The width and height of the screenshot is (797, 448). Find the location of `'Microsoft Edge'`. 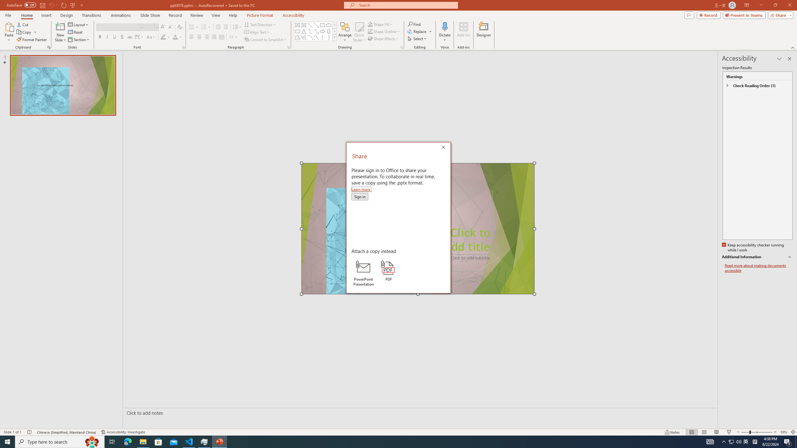

'Microsoft Edge' is located at coordinates (127, 441).